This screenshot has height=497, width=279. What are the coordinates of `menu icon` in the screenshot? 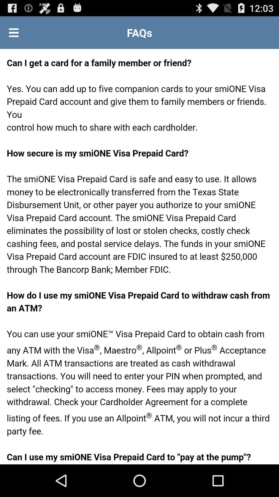 It's located at (13, 32).